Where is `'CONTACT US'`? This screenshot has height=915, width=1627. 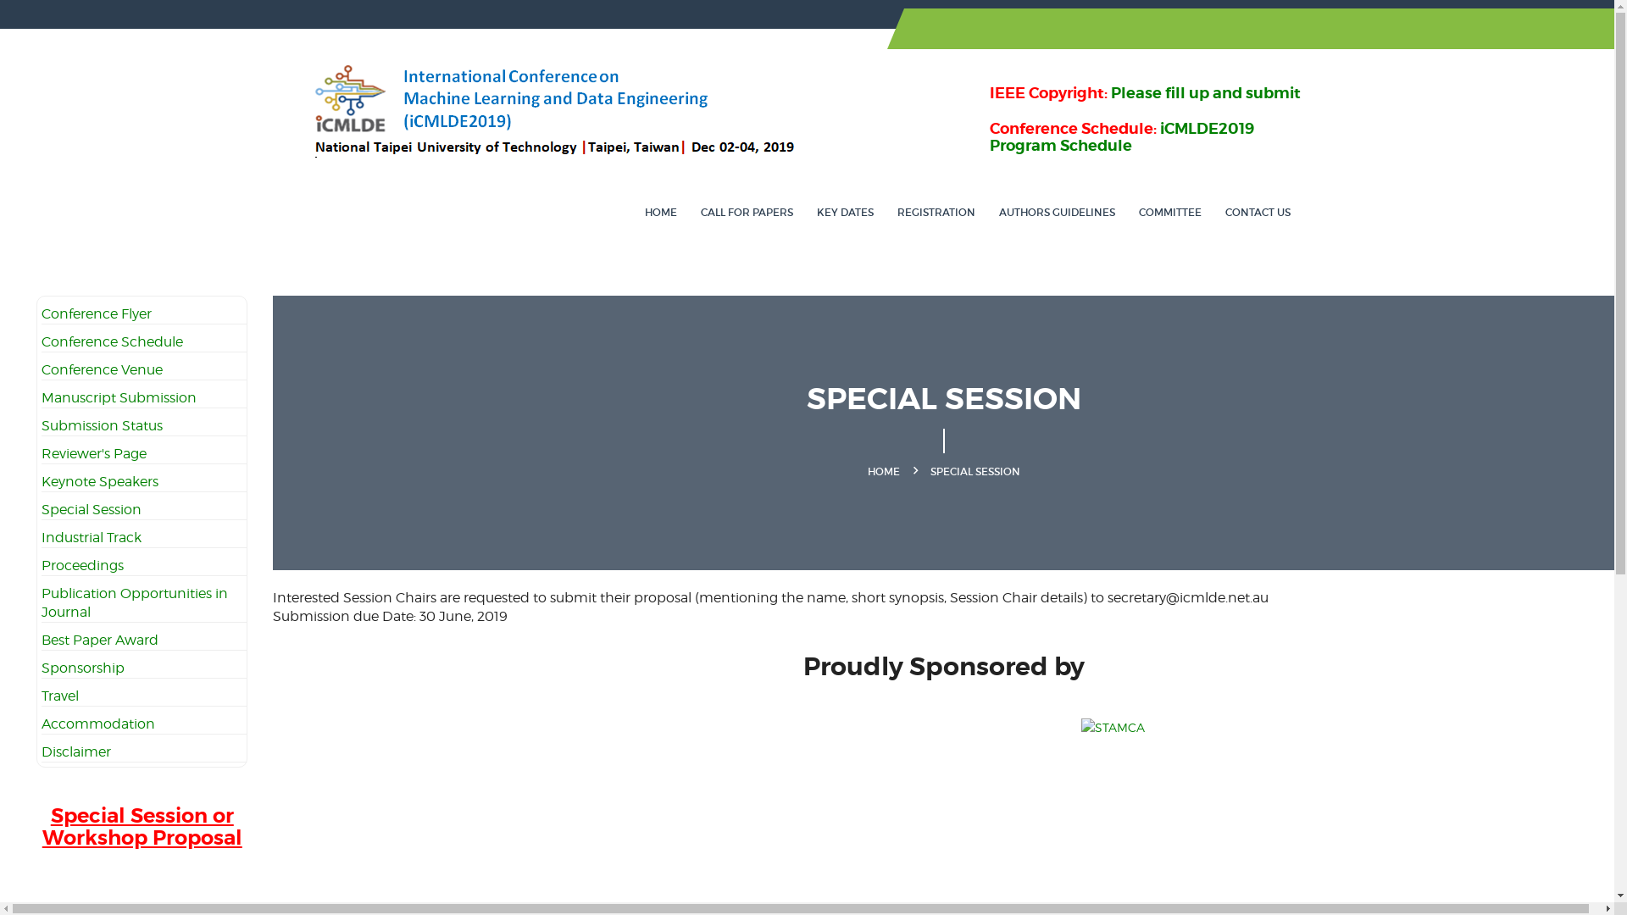
'CONTACT US' is located at coordinates (1258, 211).